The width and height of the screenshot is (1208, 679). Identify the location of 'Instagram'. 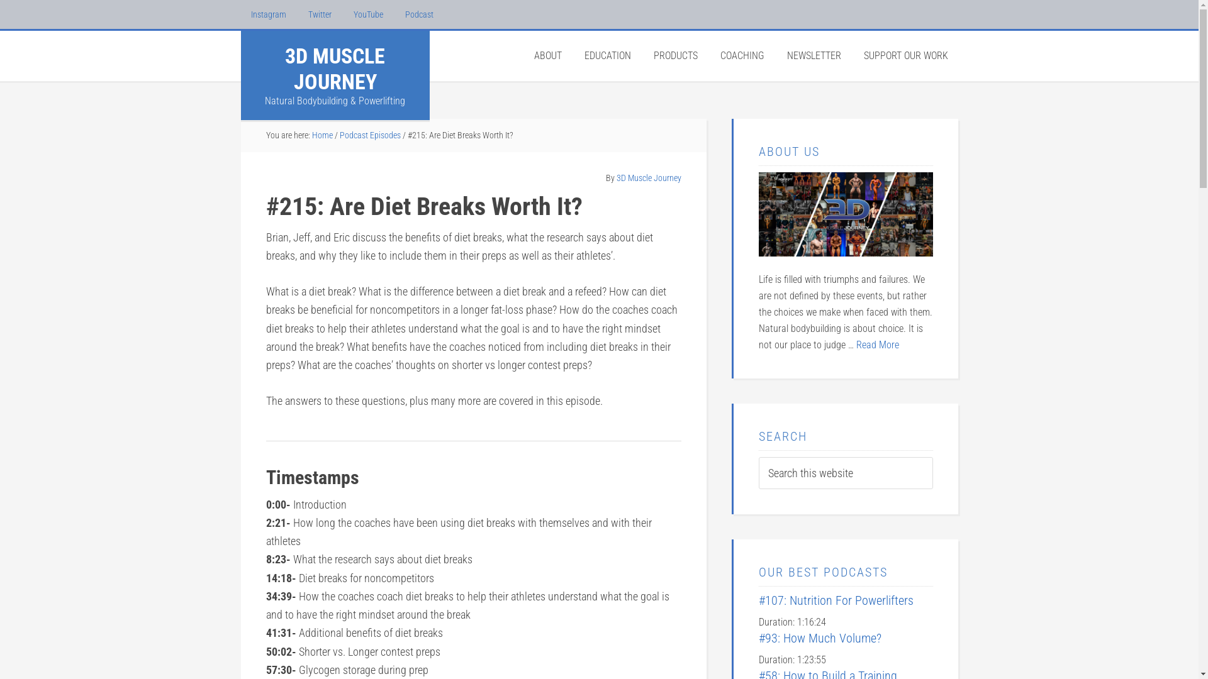
(240, 14).